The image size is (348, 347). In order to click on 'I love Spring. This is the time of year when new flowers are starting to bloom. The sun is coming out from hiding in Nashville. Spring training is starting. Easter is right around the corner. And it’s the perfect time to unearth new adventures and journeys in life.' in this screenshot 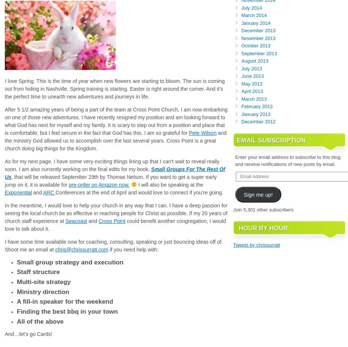, I will do `click(114, 88)`.